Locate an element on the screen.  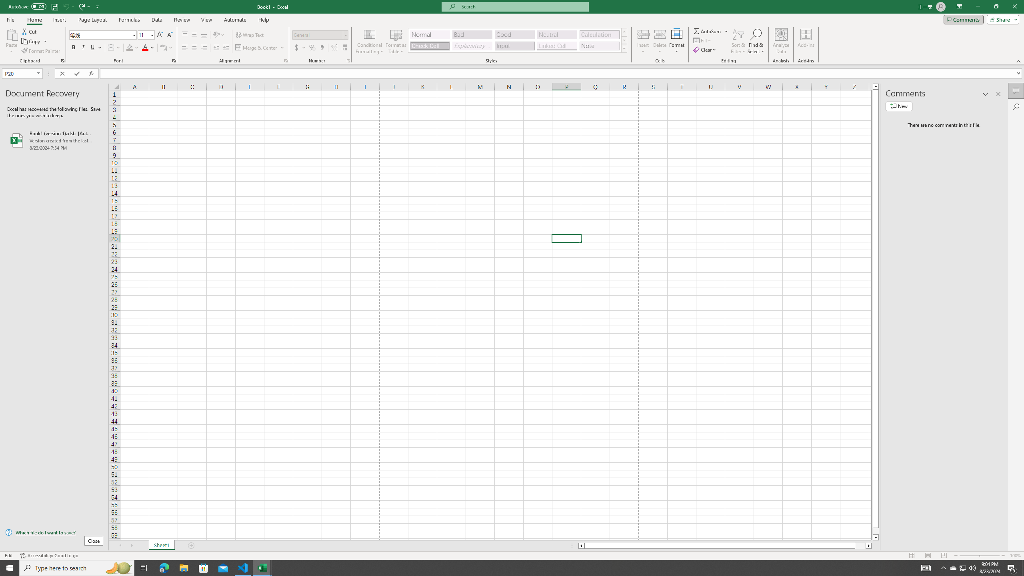
'Check Cell' is located at coordinates (430, 46).